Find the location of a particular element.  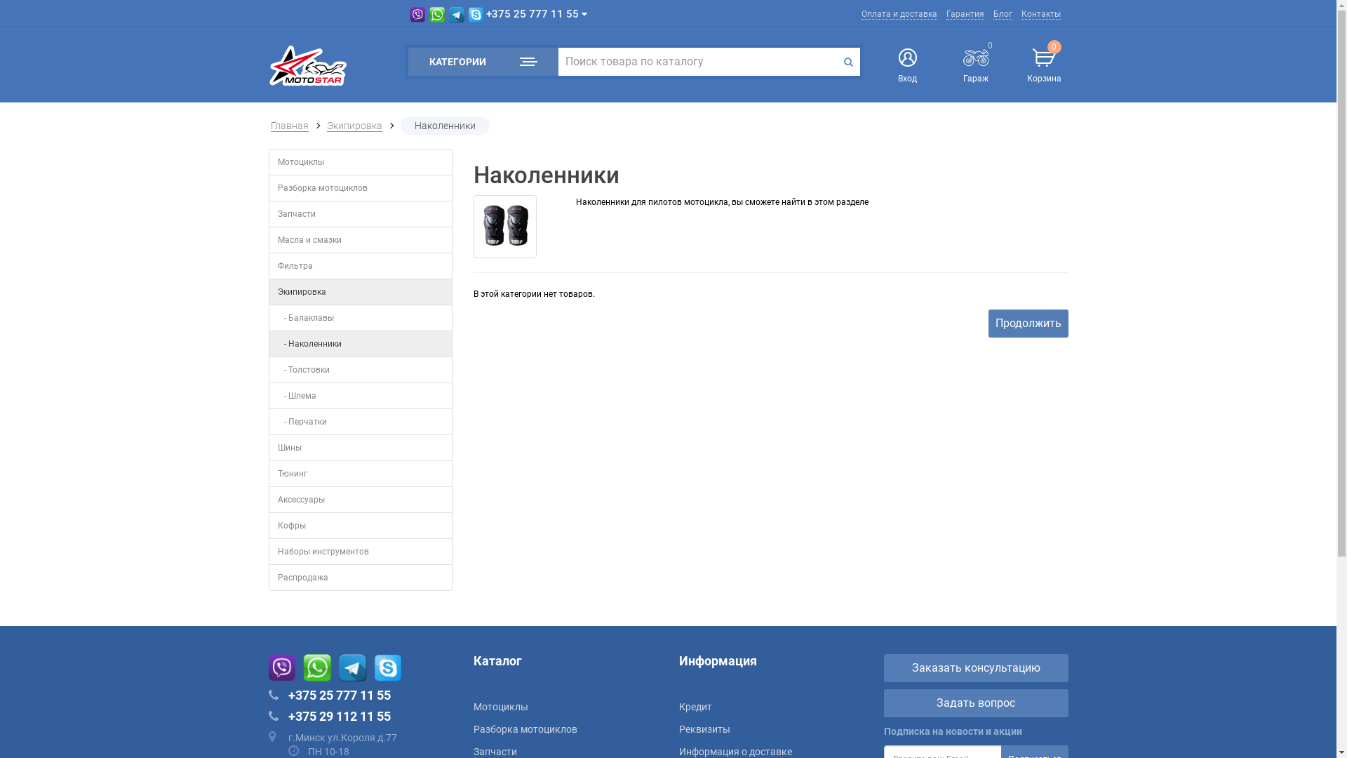

'+375 25 777 11 55' is located at coordinates (498, 14).